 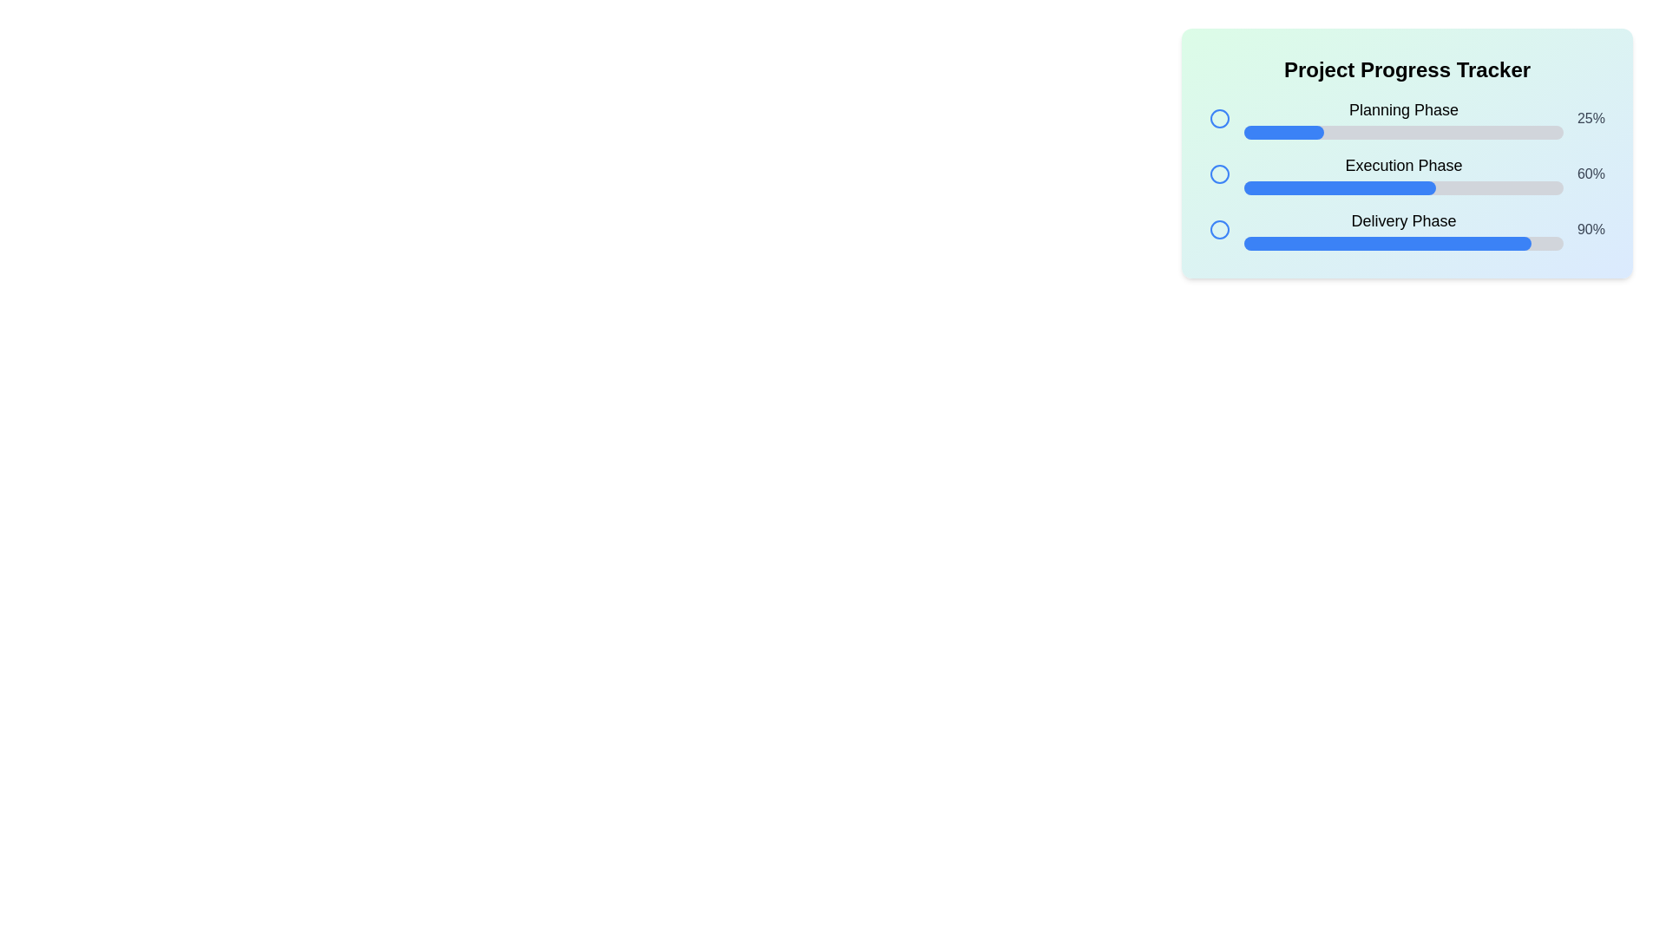 I want to click on the third stage text label in the project progress tracker, which denotes the current phase of the project, so click(x=1403, y=220).